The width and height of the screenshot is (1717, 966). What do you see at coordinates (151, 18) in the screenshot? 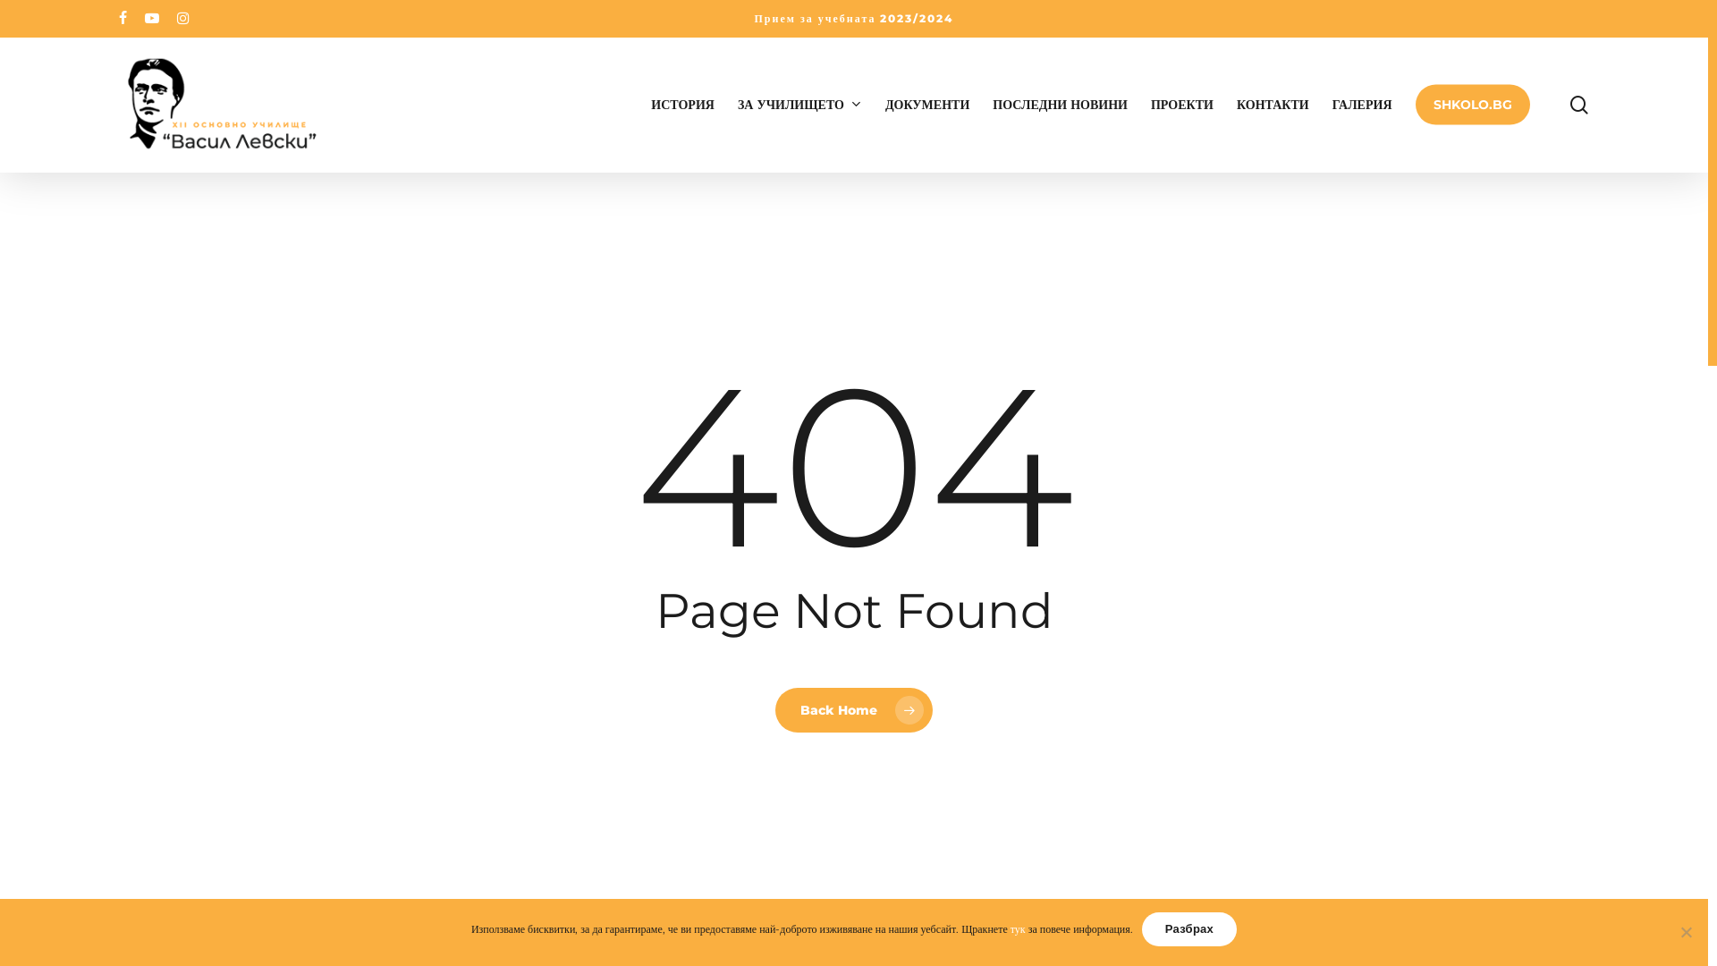
I see `'YOUTUBE'` at bounding box center [151, 18].